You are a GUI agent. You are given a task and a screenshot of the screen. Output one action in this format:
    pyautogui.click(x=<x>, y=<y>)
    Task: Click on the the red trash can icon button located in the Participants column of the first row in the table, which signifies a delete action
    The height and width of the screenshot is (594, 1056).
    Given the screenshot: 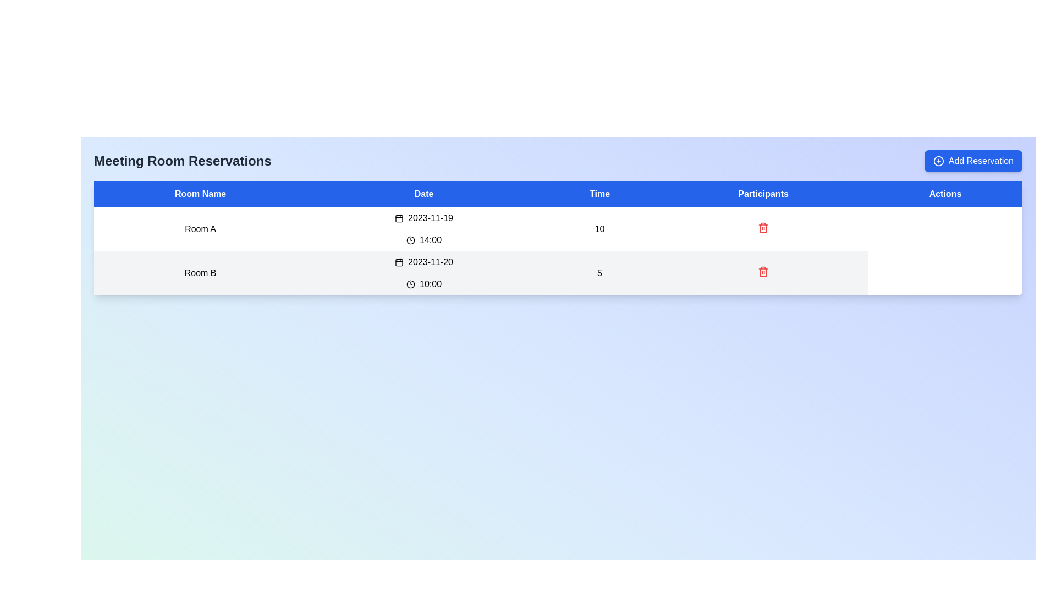 What is the action you would take?
    pyautogui.click(x=762, y=228)
    